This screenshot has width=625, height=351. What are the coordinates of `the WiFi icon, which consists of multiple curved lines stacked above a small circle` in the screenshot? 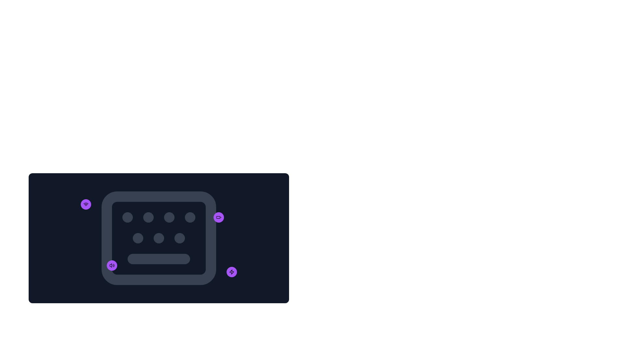 It's located at (86, 204).